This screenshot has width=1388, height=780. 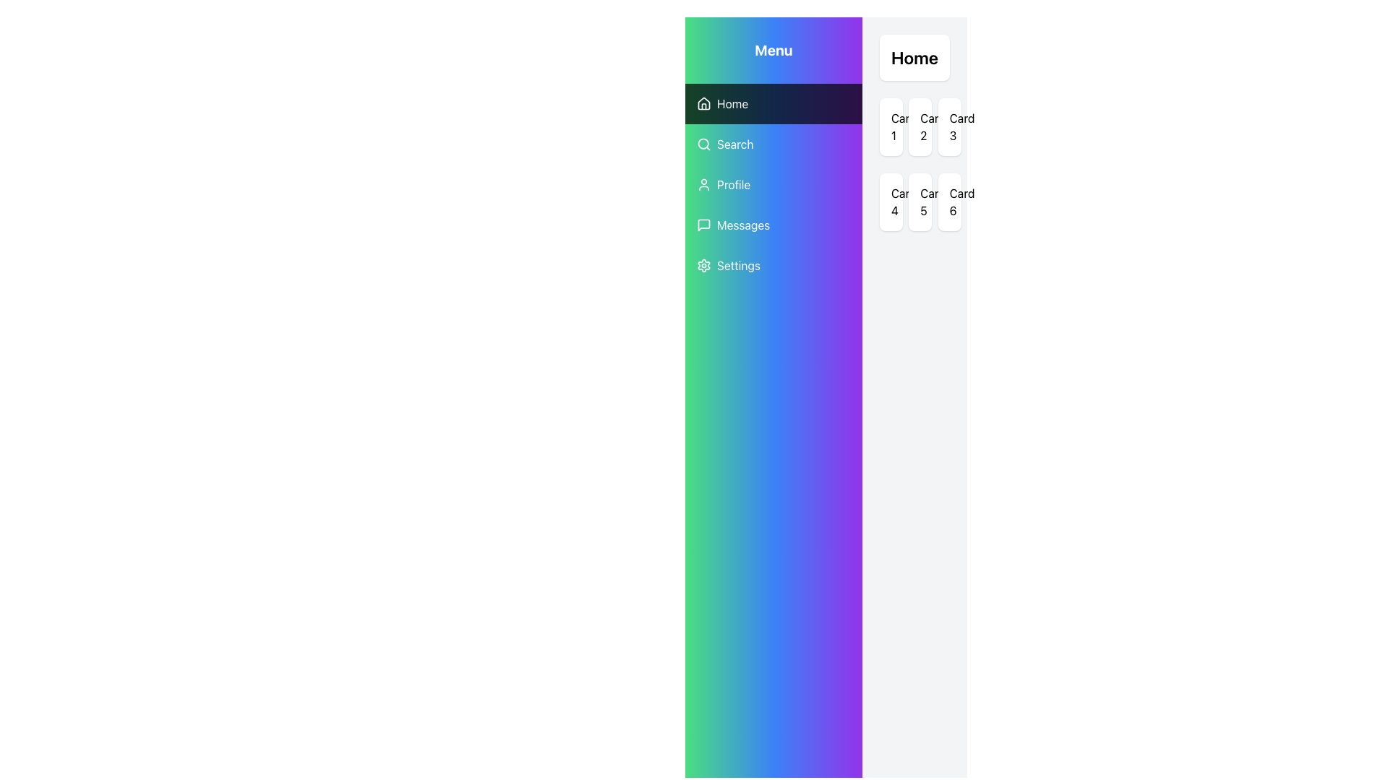 I want to click on the 'Profile' button in the vertical navigation bar, so click(x=773, y=183).